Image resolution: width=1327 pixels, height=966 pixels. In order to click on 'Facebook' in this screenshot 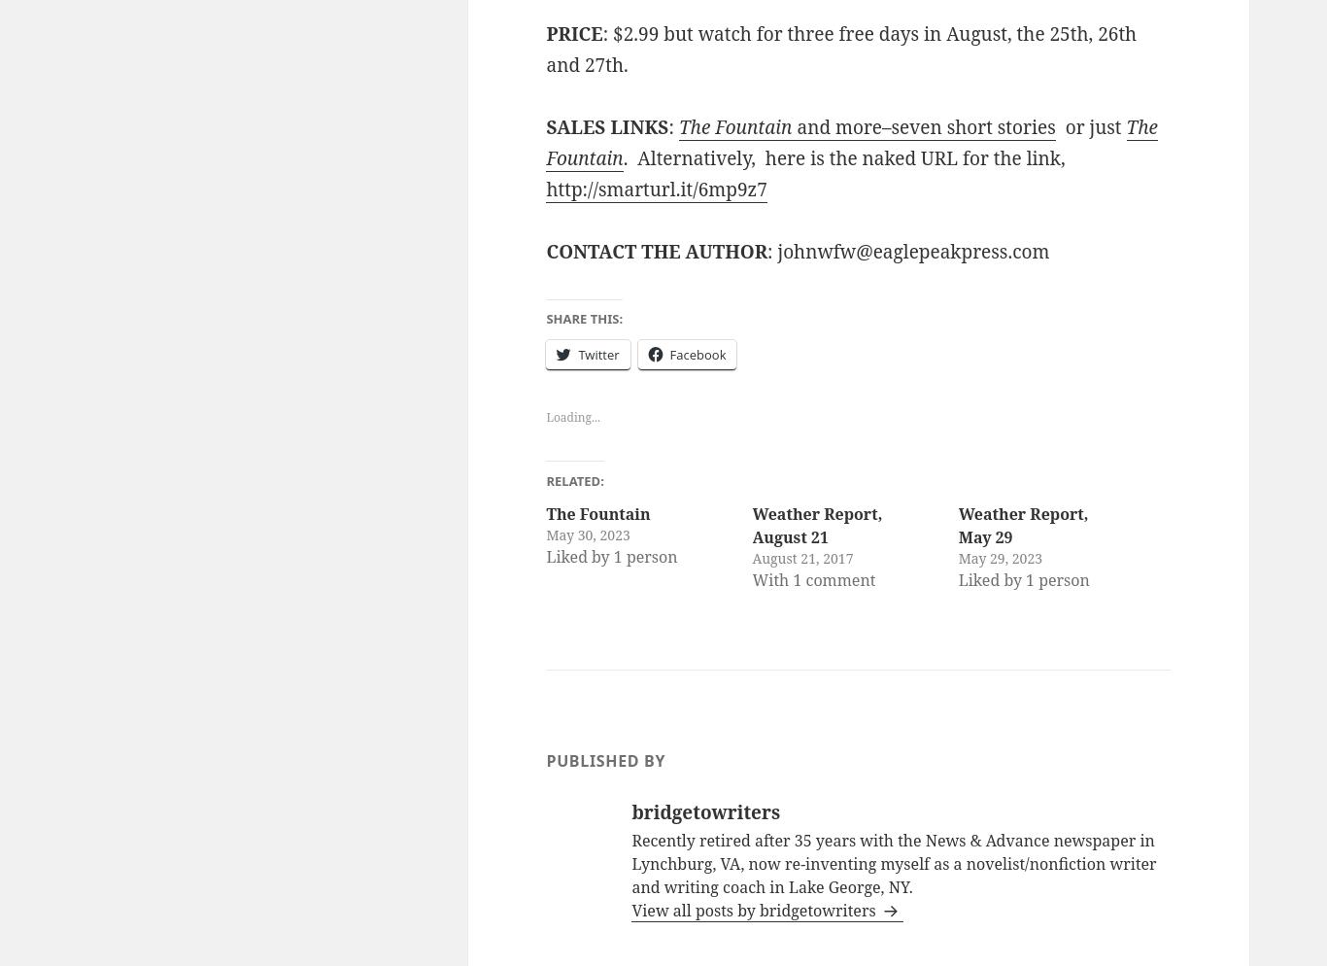, I will do `click(669, 354)`.